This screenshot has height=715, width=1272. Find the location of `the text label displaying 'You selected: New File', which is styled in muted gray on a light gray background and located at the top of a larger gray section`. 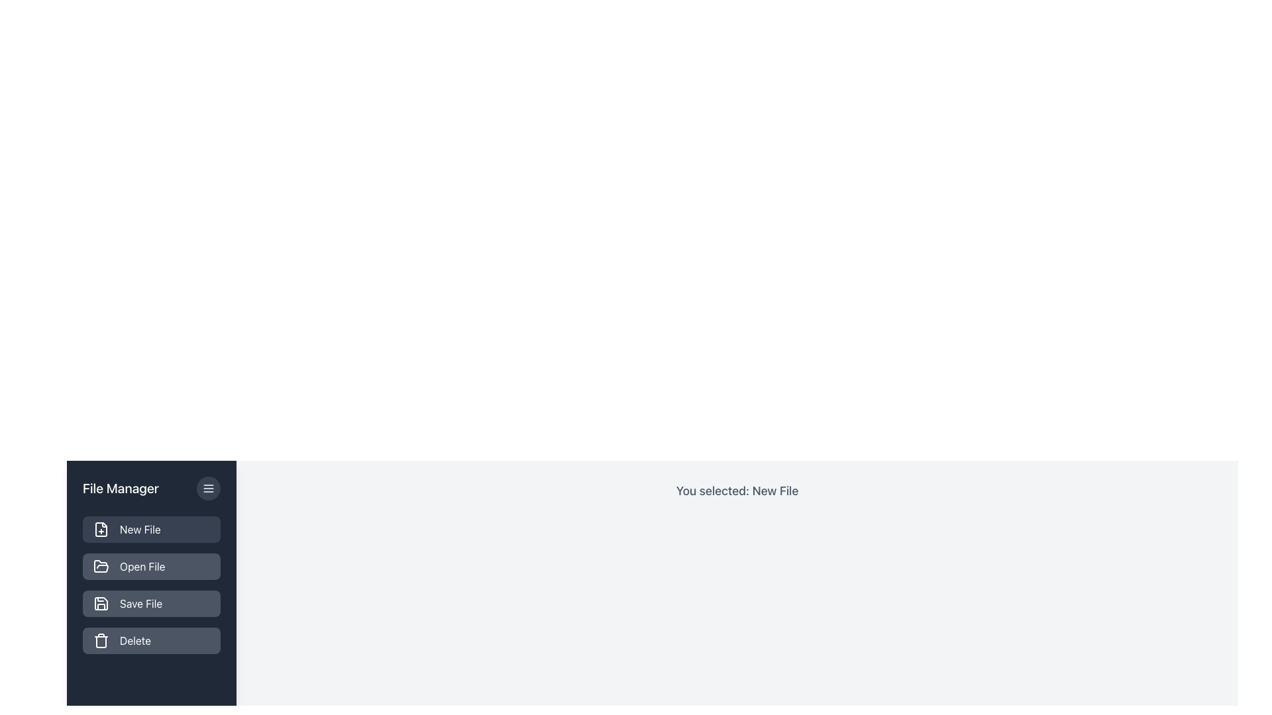

the text label displaying 'You selected: New File', which is styled in muted gray on a light gray background and located at the top of a larger gray section is located at coordinates (737, 491).